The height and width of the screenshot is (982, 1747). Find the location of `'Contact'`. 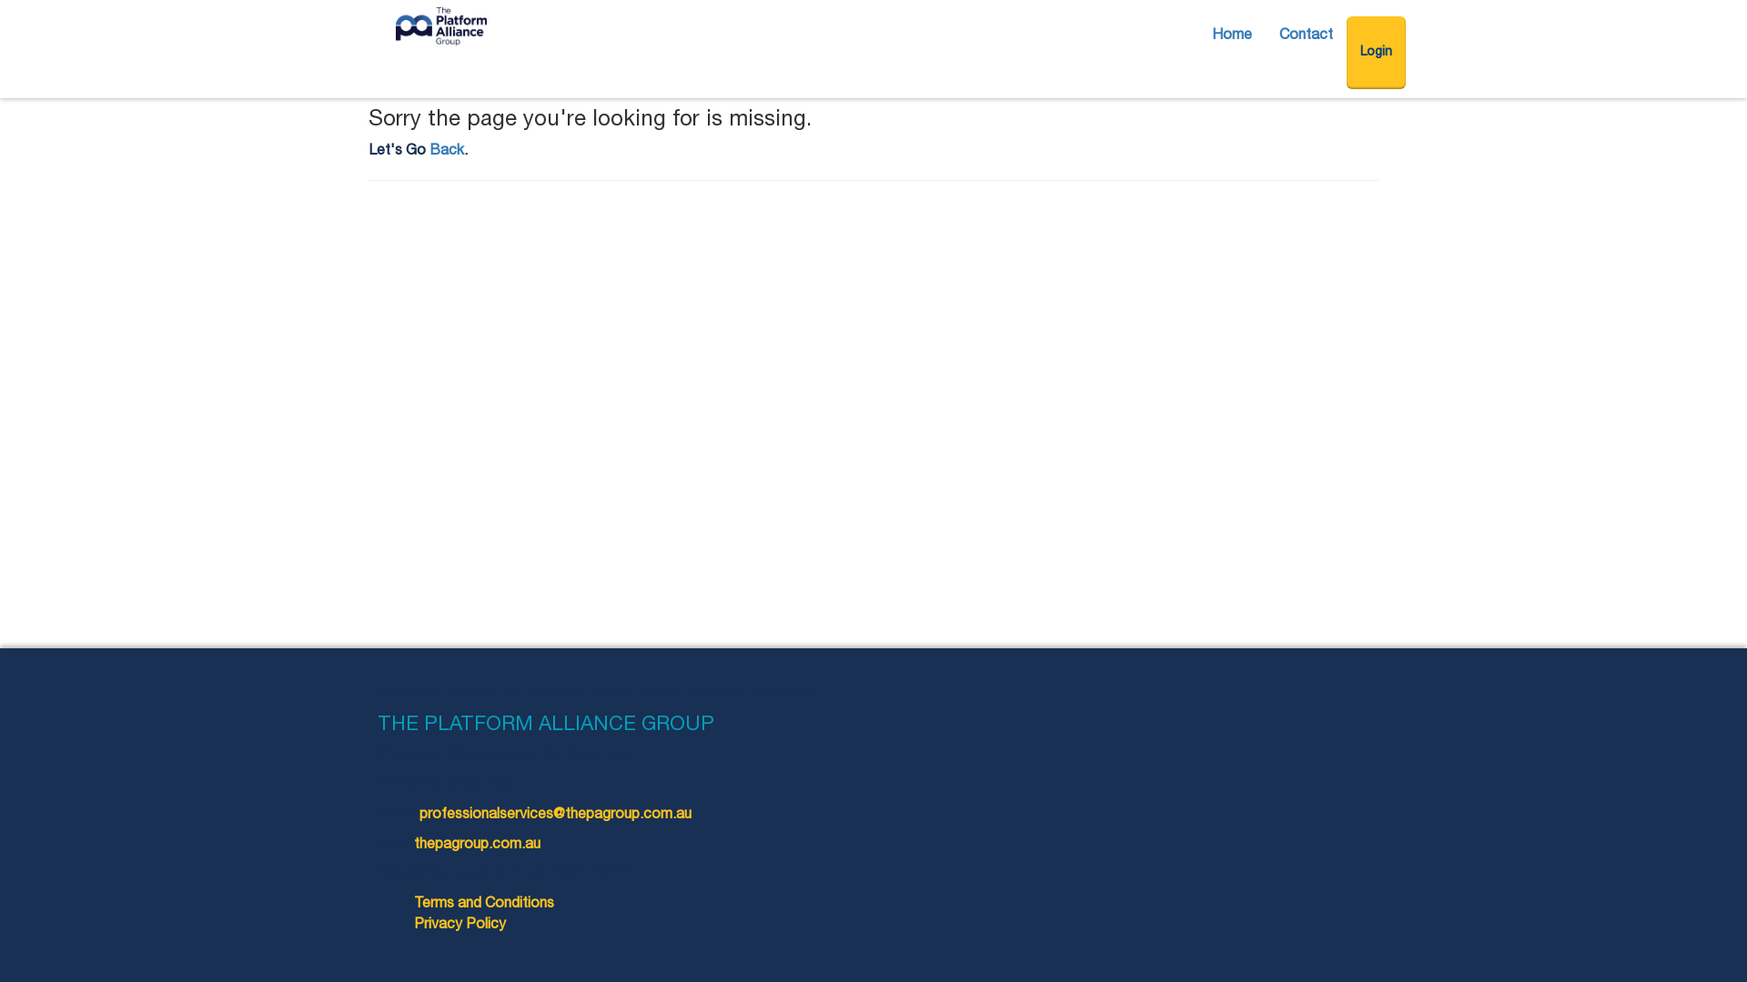

'Contact' is located at coordinates (1265, 35).